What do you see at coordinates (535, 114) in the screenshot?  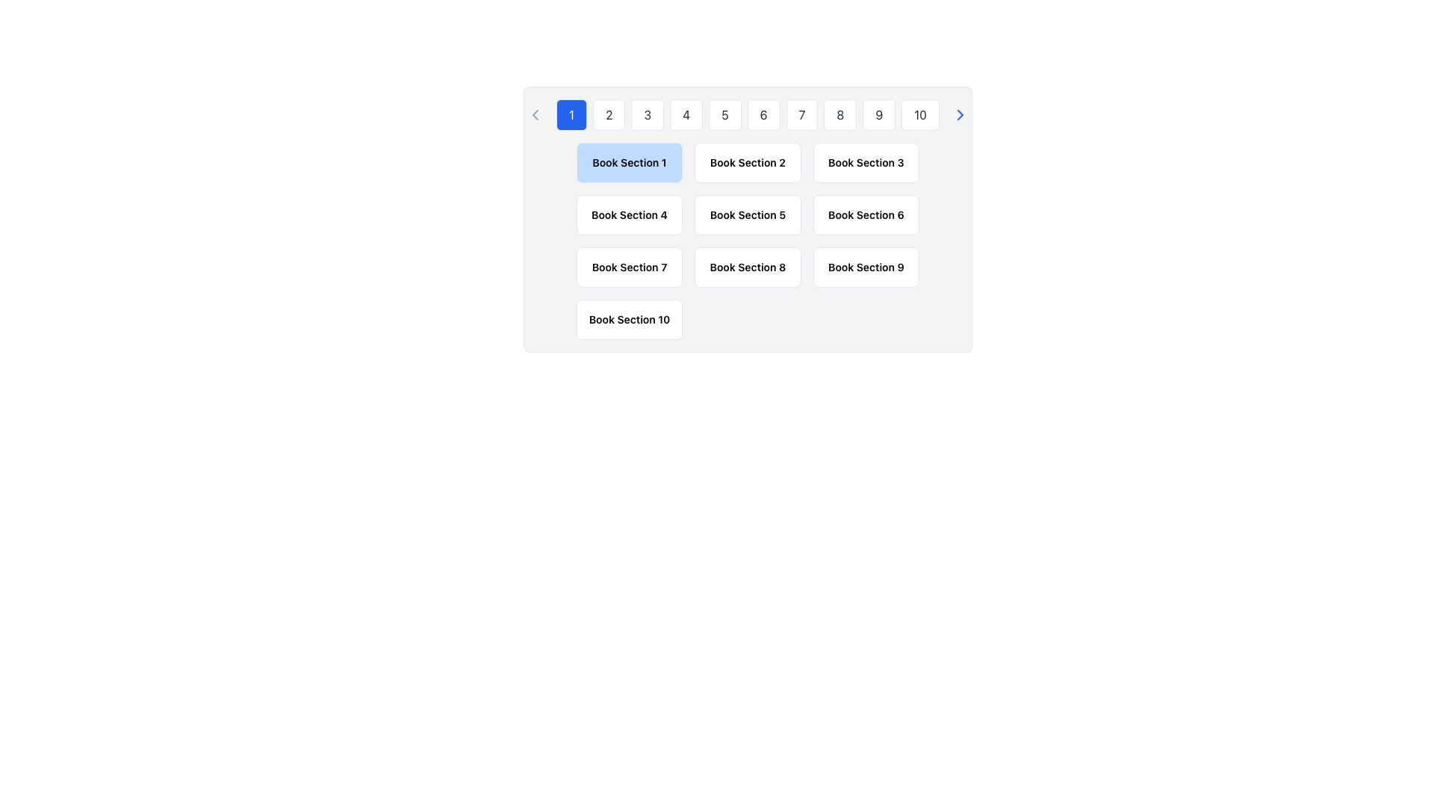 I see `the left-pointing chevron icon, styled in gray, located at the leftmost position in the top navigation bar of the pagination interface` at bounding box center [535, 114].